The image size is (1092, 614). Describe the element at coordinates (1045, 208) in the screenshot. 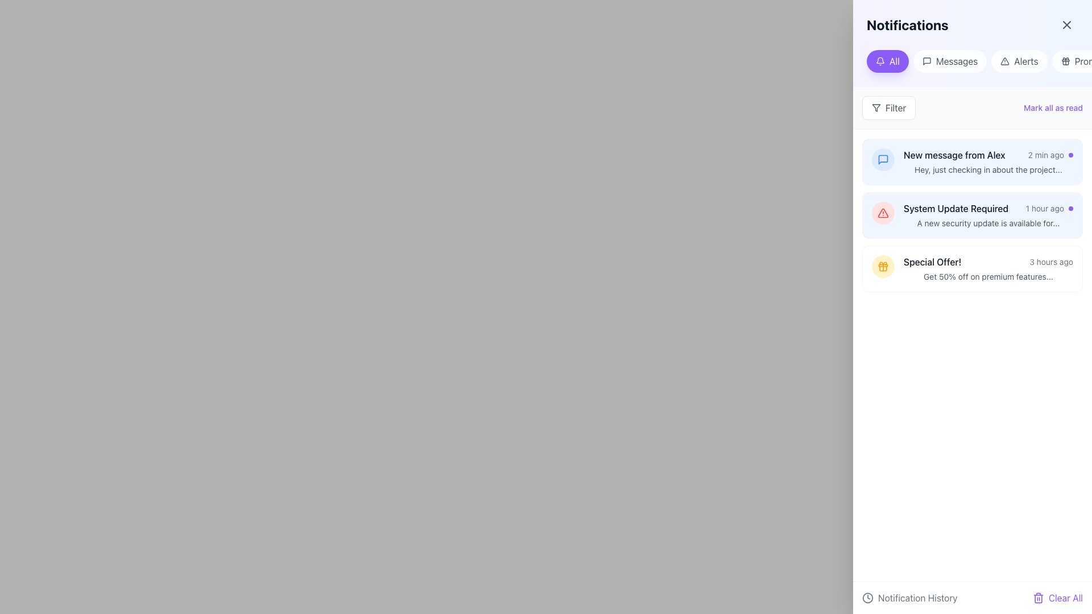

I see `the text element displaying '1 hour ago' adjacent to the violet circular indicator in the 'System Update Required' notification` at that location.